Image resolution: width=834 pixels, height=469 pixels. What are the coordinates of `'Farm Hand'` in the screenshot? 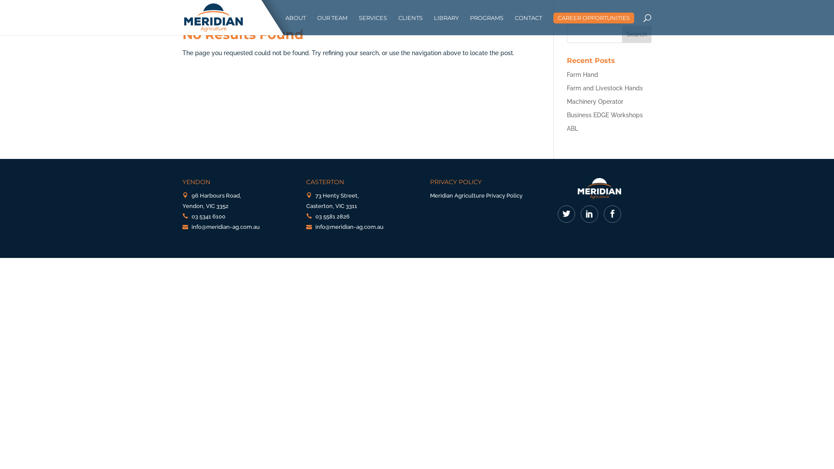 It's located at (582, 74).